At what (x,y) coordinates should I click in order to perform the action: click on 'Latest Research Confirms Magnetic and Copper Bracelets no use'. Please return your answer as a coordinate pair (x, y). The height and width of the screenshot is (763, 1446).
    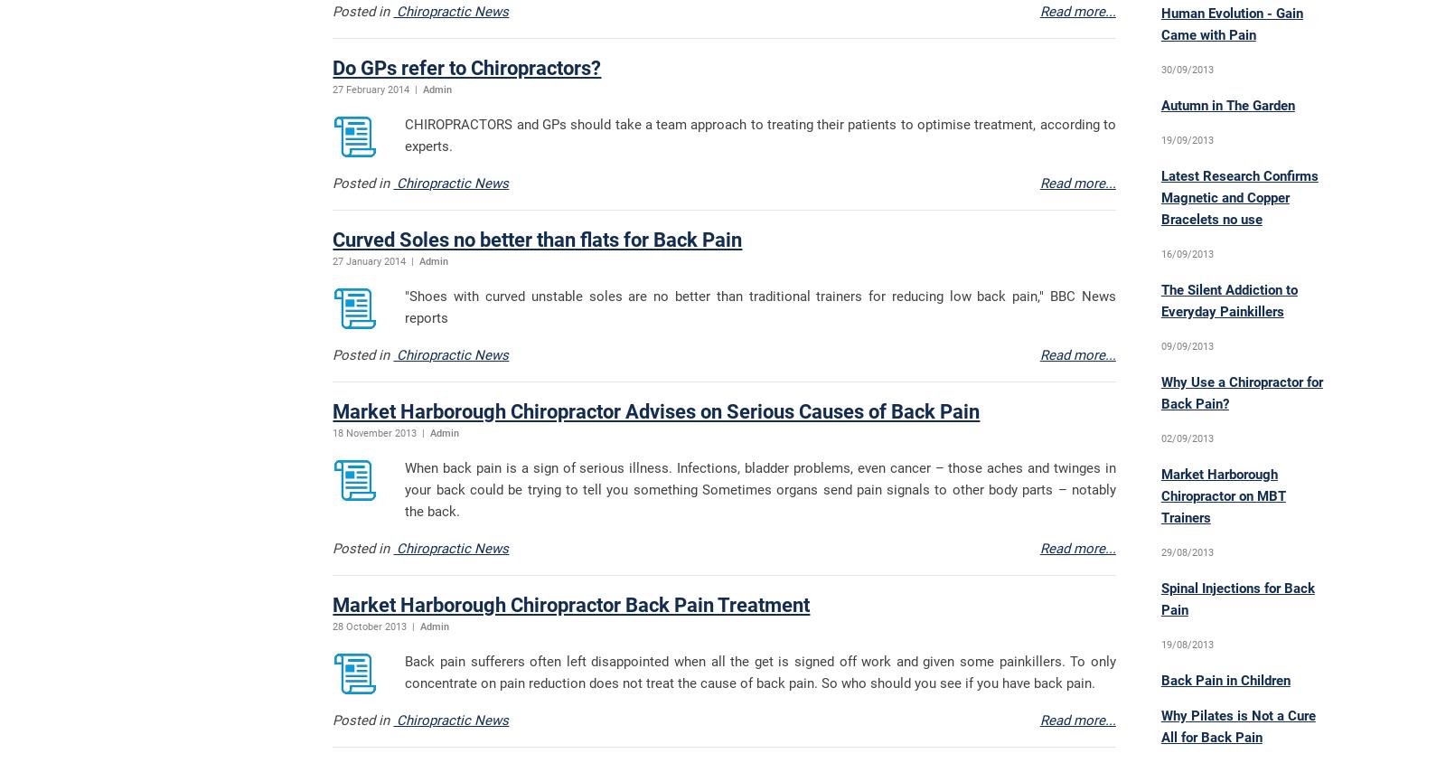
    Looking at the image, I should click on (1238, 197).